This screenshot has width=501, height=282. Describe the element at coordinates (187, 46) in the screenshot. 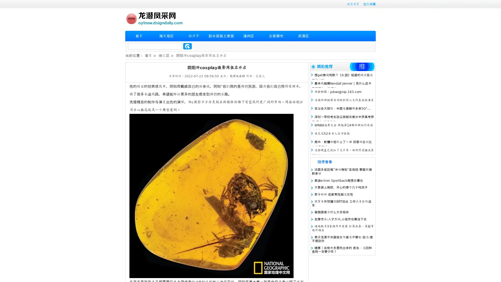

I see `Search` at that location.